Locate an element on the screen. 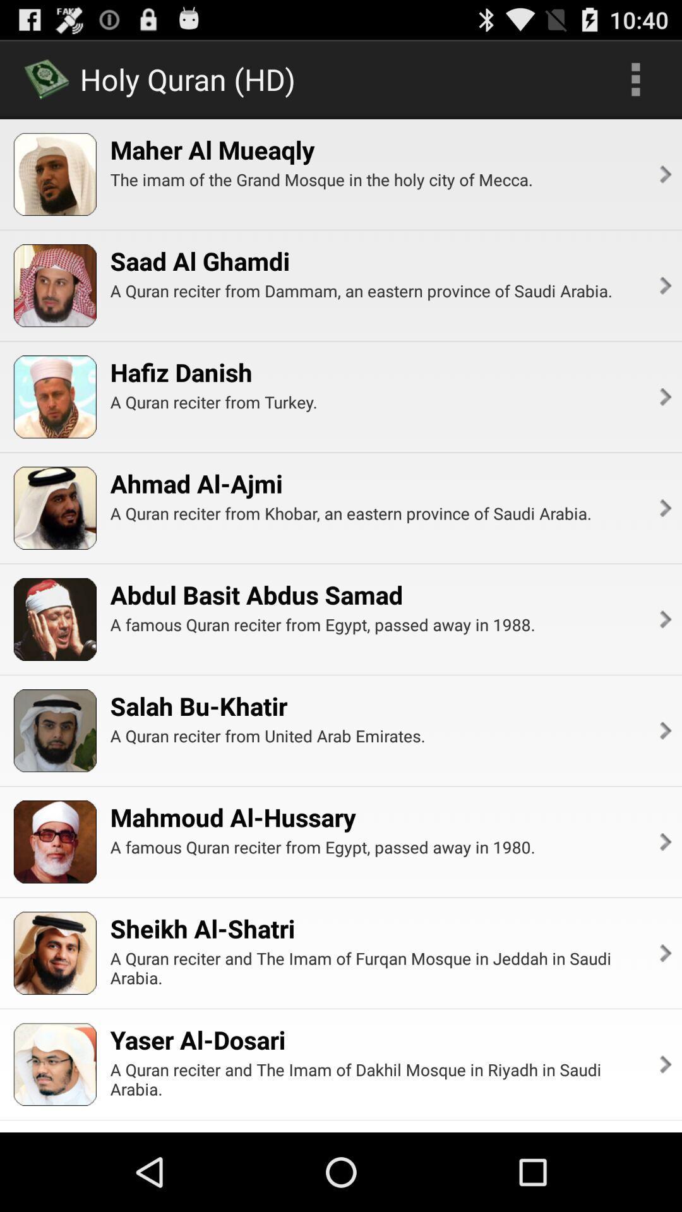 The height and width of the screenshot is (1212, 682). item above the a quran reciter item is located at coordinates (181, 371).